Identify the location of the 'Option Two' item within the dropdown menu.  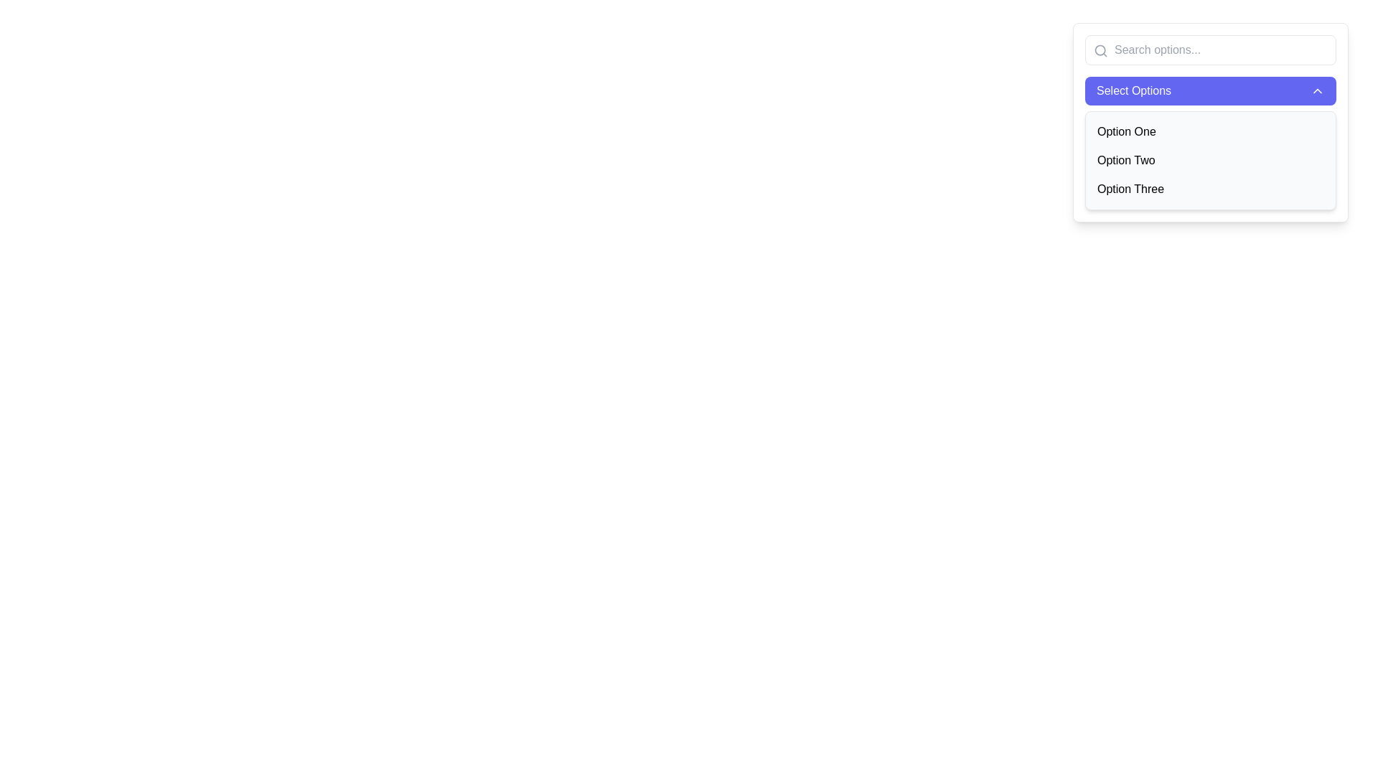
(1209, 160).